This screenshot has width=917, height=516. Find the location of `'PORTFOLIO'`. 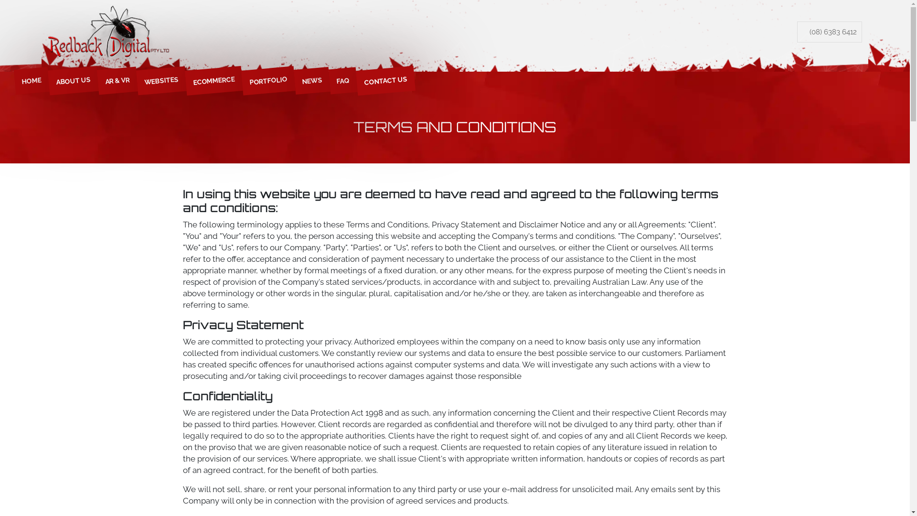

'PORTFOLIO' is located at coordinates (267, 78).